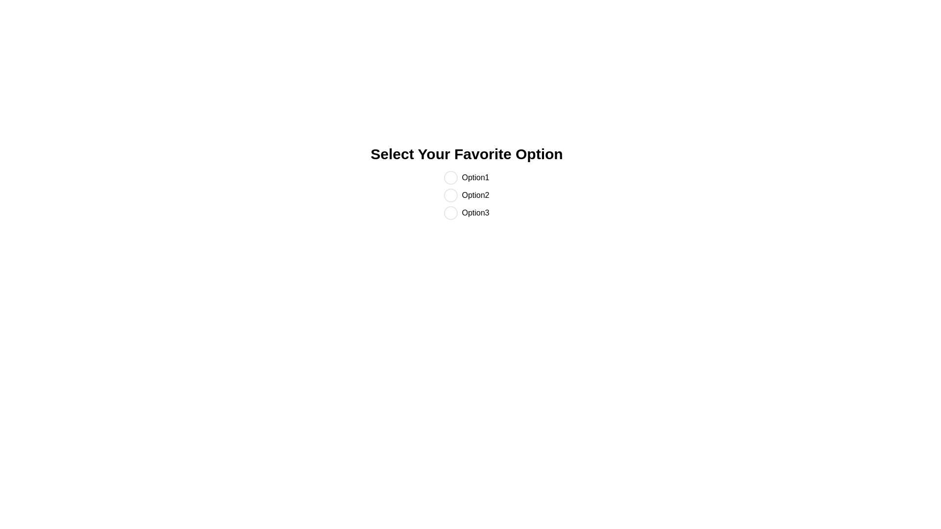 The height and width of the screenshot is (529, 941). What do you see at coordinates (450, 195) in the screenshot?
I see `the radio button labeled 'Option2'` at bounding box center [450, 195].